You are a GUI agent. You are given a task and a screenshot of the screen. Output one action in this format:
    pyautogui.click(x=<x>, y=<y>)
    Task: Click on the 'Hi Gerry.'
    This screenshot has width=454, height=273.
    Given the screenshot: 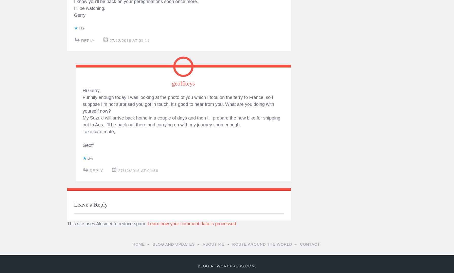 What is the action you would take?
    pyautogui.click(x=91, y=246)
    